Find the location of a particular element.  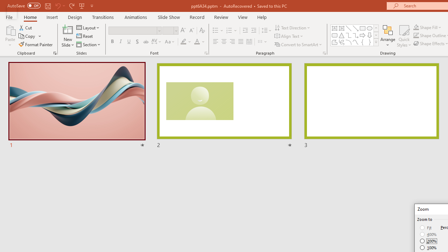

'Decrease Indent' is located at coordinates (245, 30).